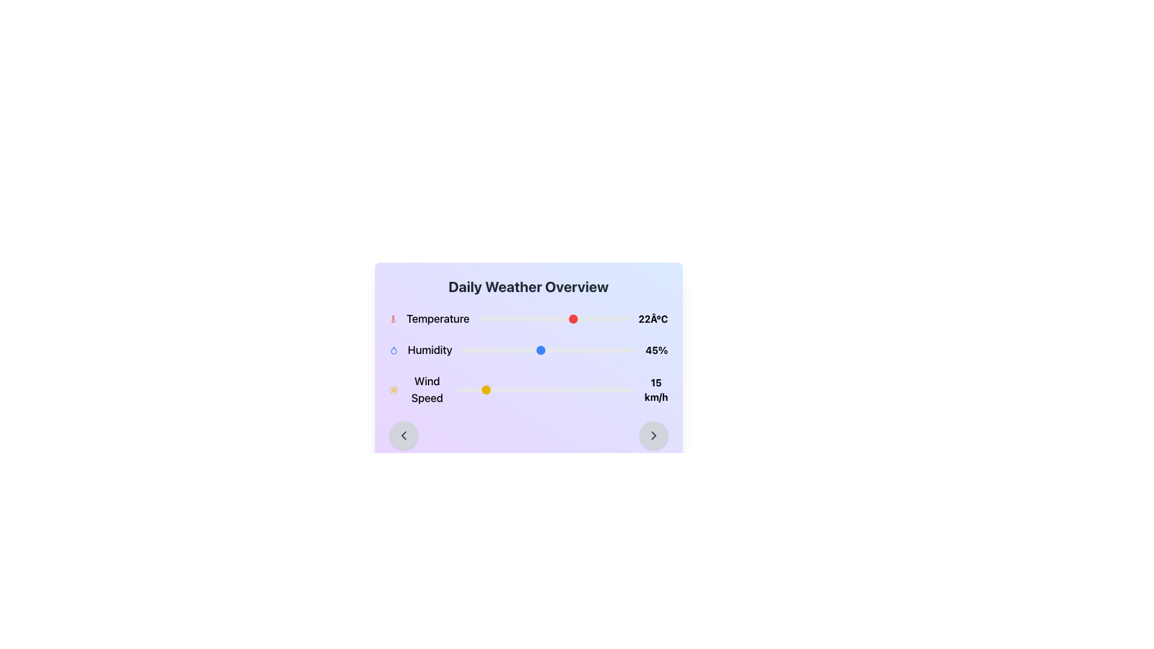  What do you see at coordinates (522, 389) in the screenshot?
I see `the wind speed` at bounding box center [522, 389].